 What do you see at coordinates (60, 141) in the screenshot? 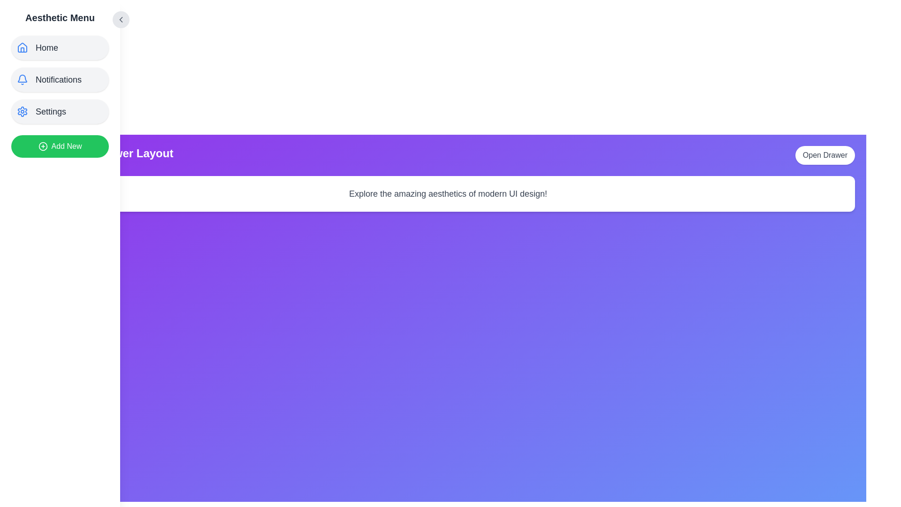
I see `the 'Add New Item' button located at the bottom of the vertical menu panel in the 'Aesthetic Menu' to observe any visual feedback` at bounding box center [60, 141].